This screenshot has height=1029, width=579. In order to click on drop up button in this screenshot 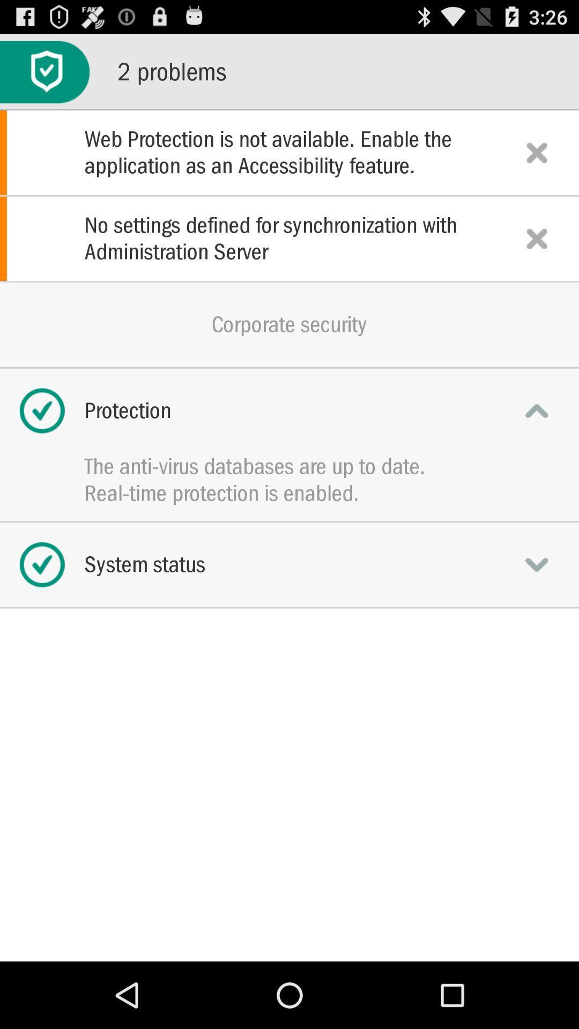, I will do `click(537, 410)`.